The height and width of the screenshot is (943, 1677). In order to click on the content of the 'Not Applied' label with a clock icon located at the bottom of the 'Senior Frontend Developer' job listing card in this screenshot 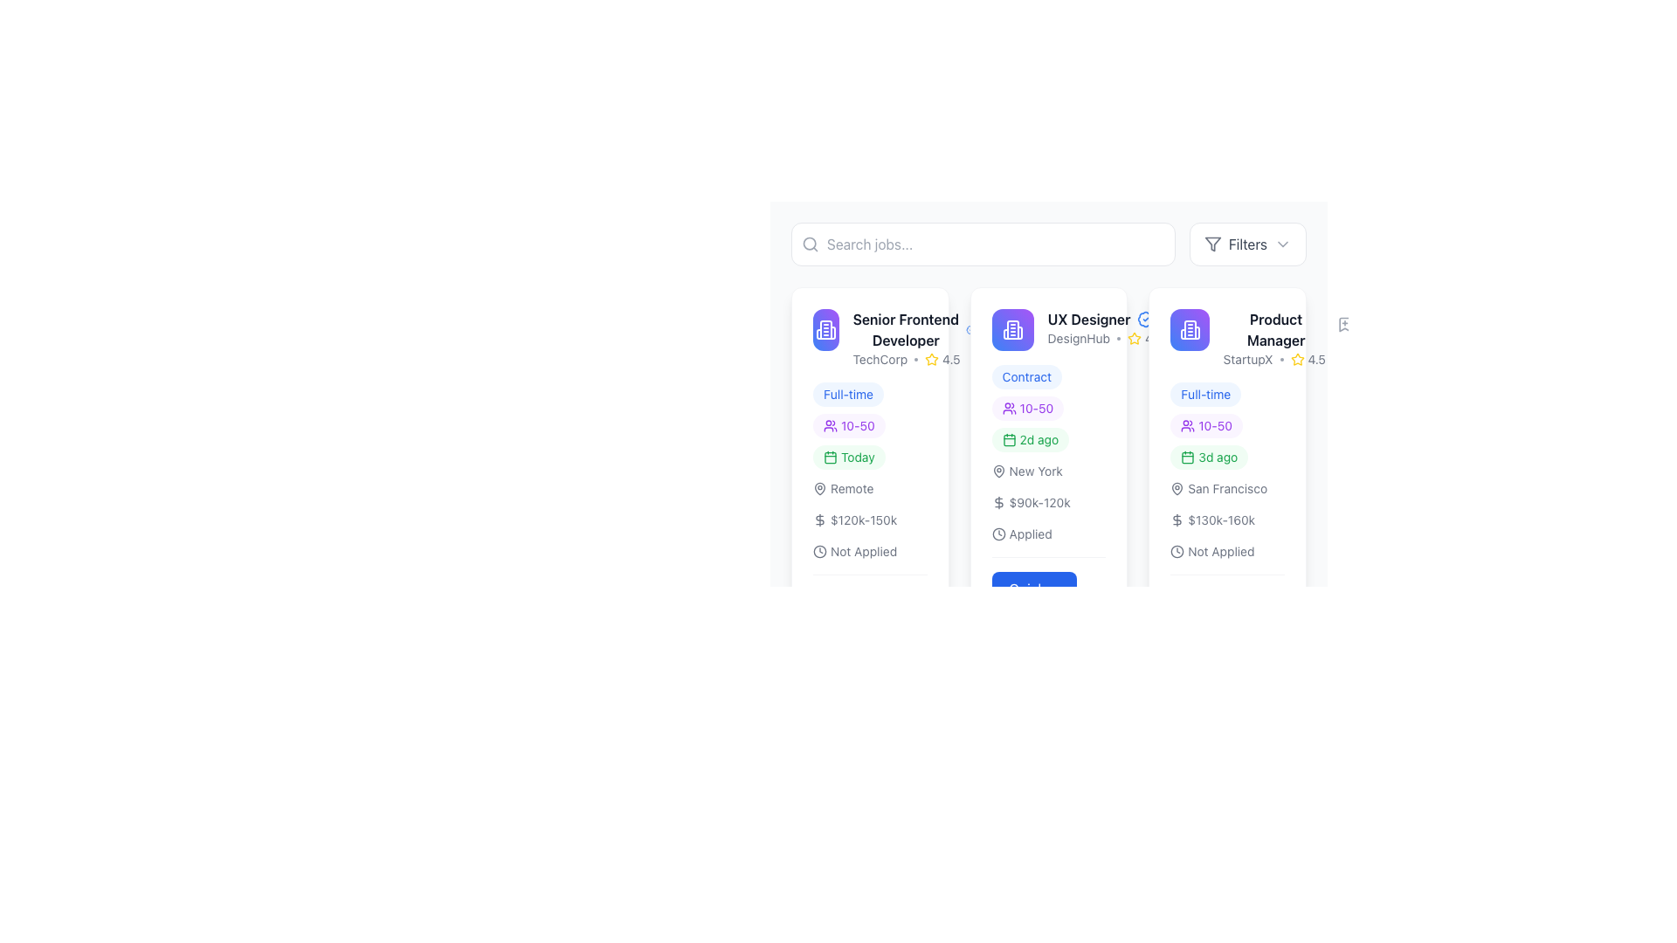, I will do `click(855, 552)`.